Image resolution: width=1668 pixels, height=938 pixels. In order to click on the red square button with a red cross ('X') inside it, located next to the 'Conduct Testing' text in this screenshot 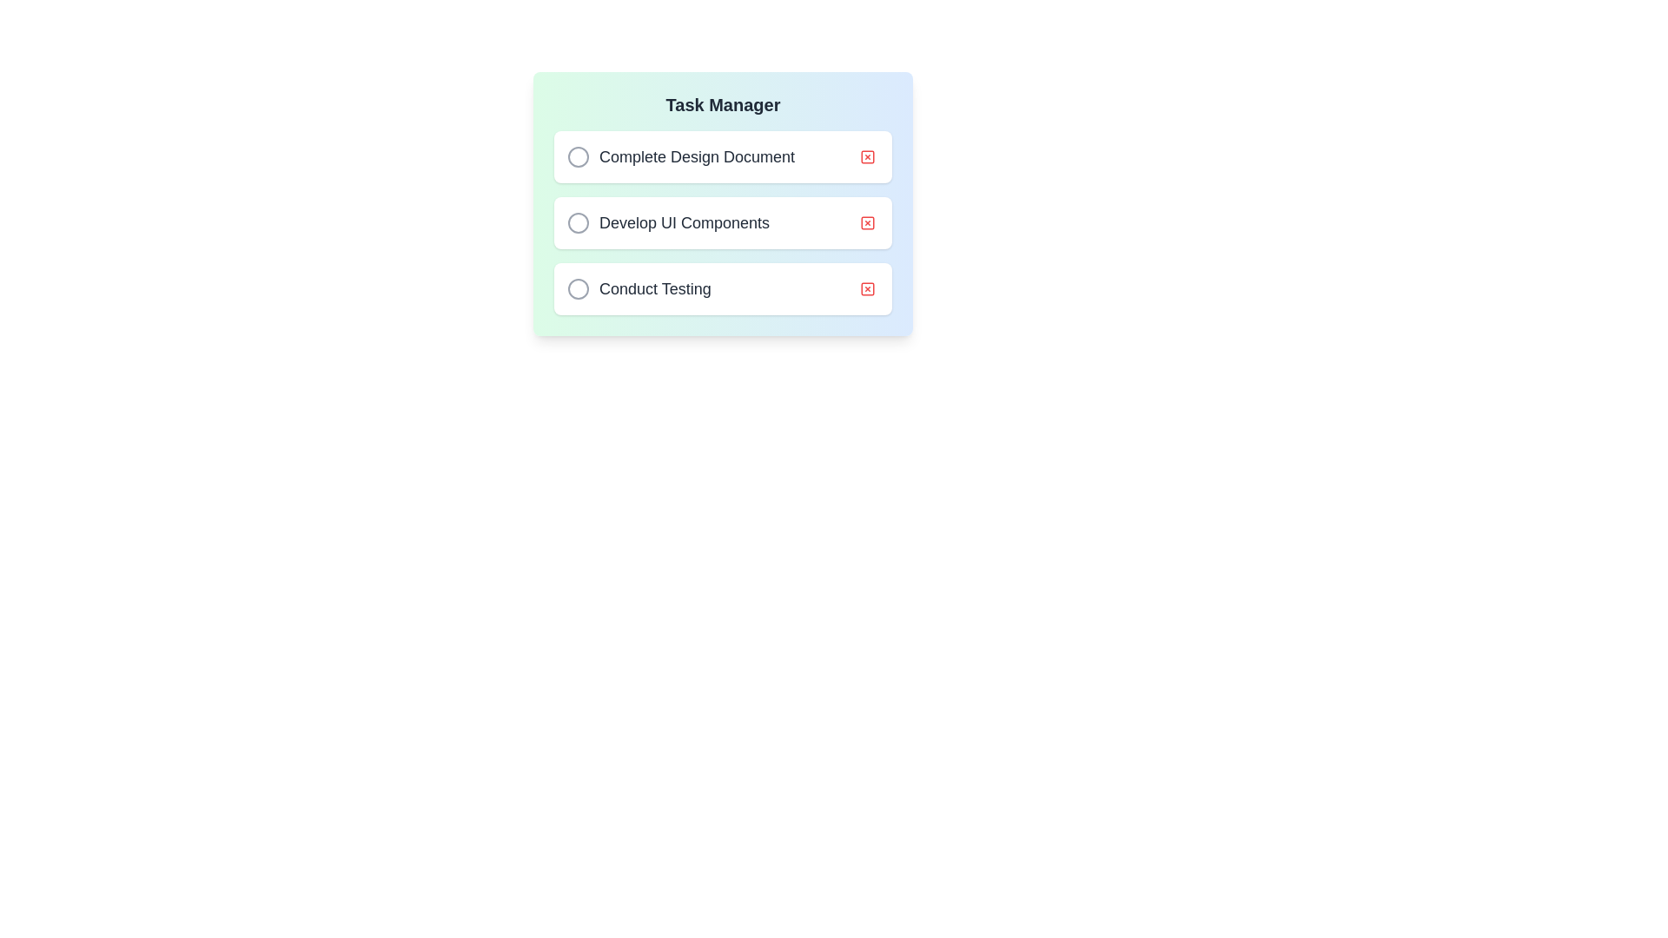, I will do `click(867, 287)`.